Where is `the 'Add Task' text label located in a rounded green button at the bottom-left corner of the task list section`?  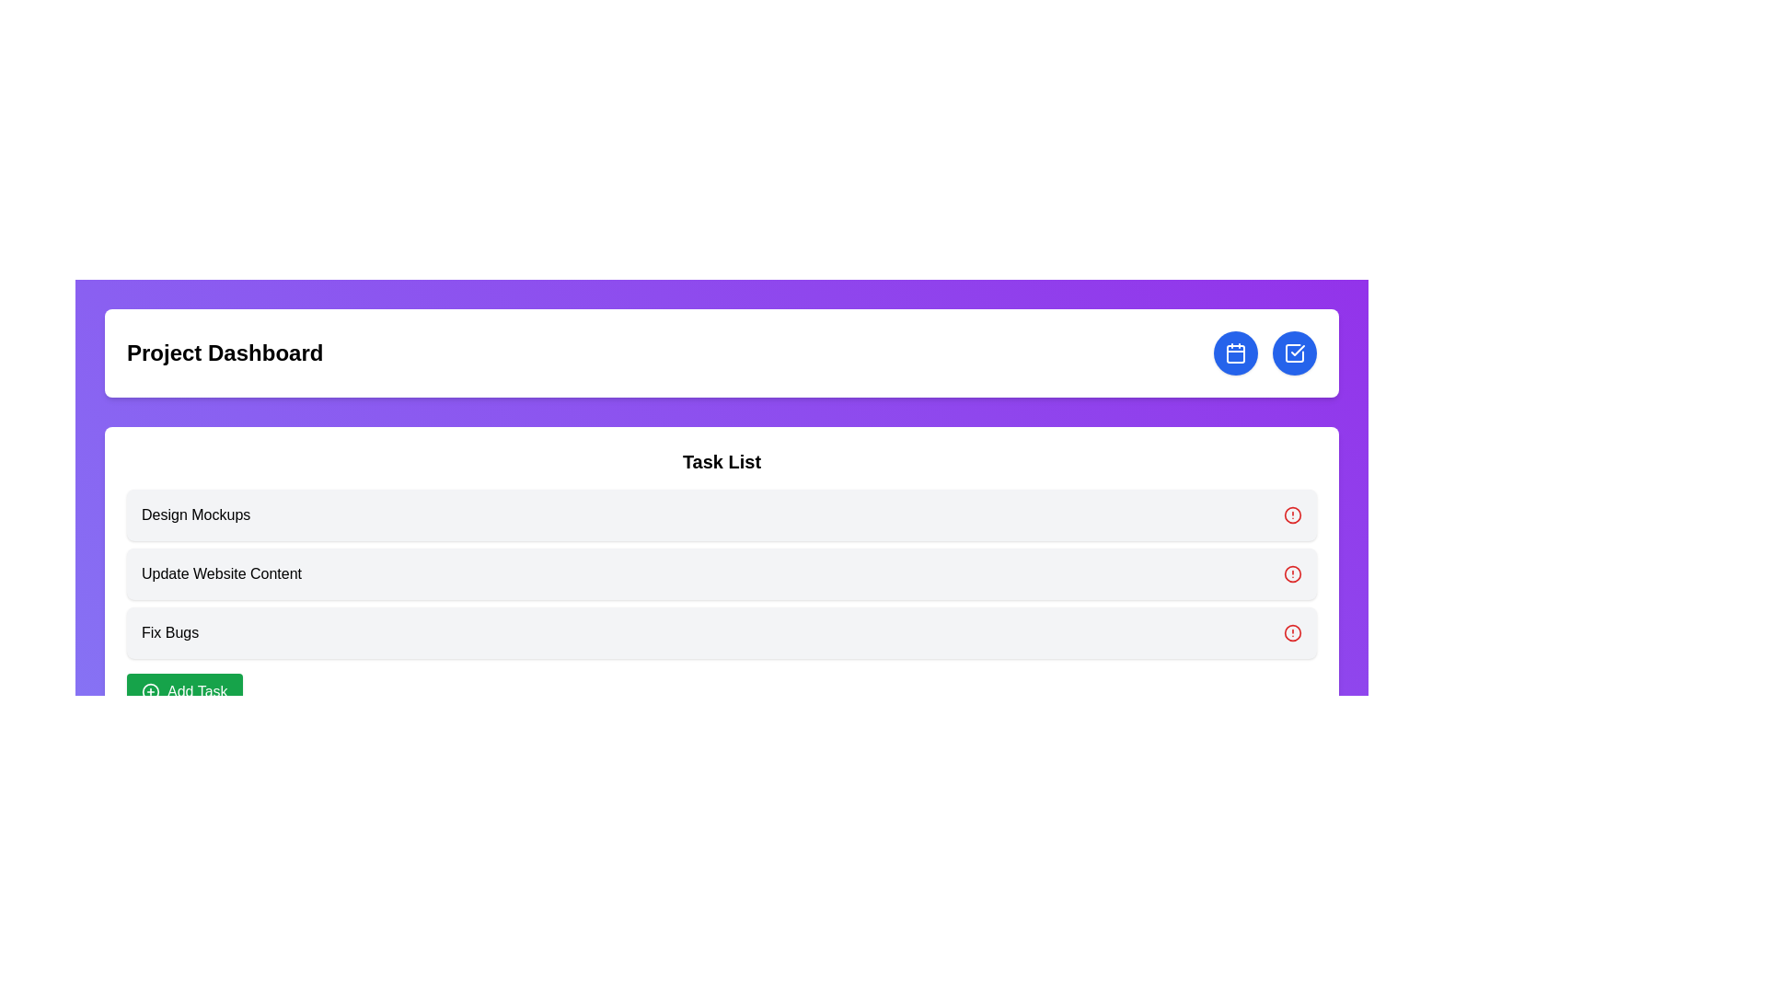
the 'Add Task' text label located in a rounded green button at the bottom-left corner of the task list section is located at coordinates (197, 692).